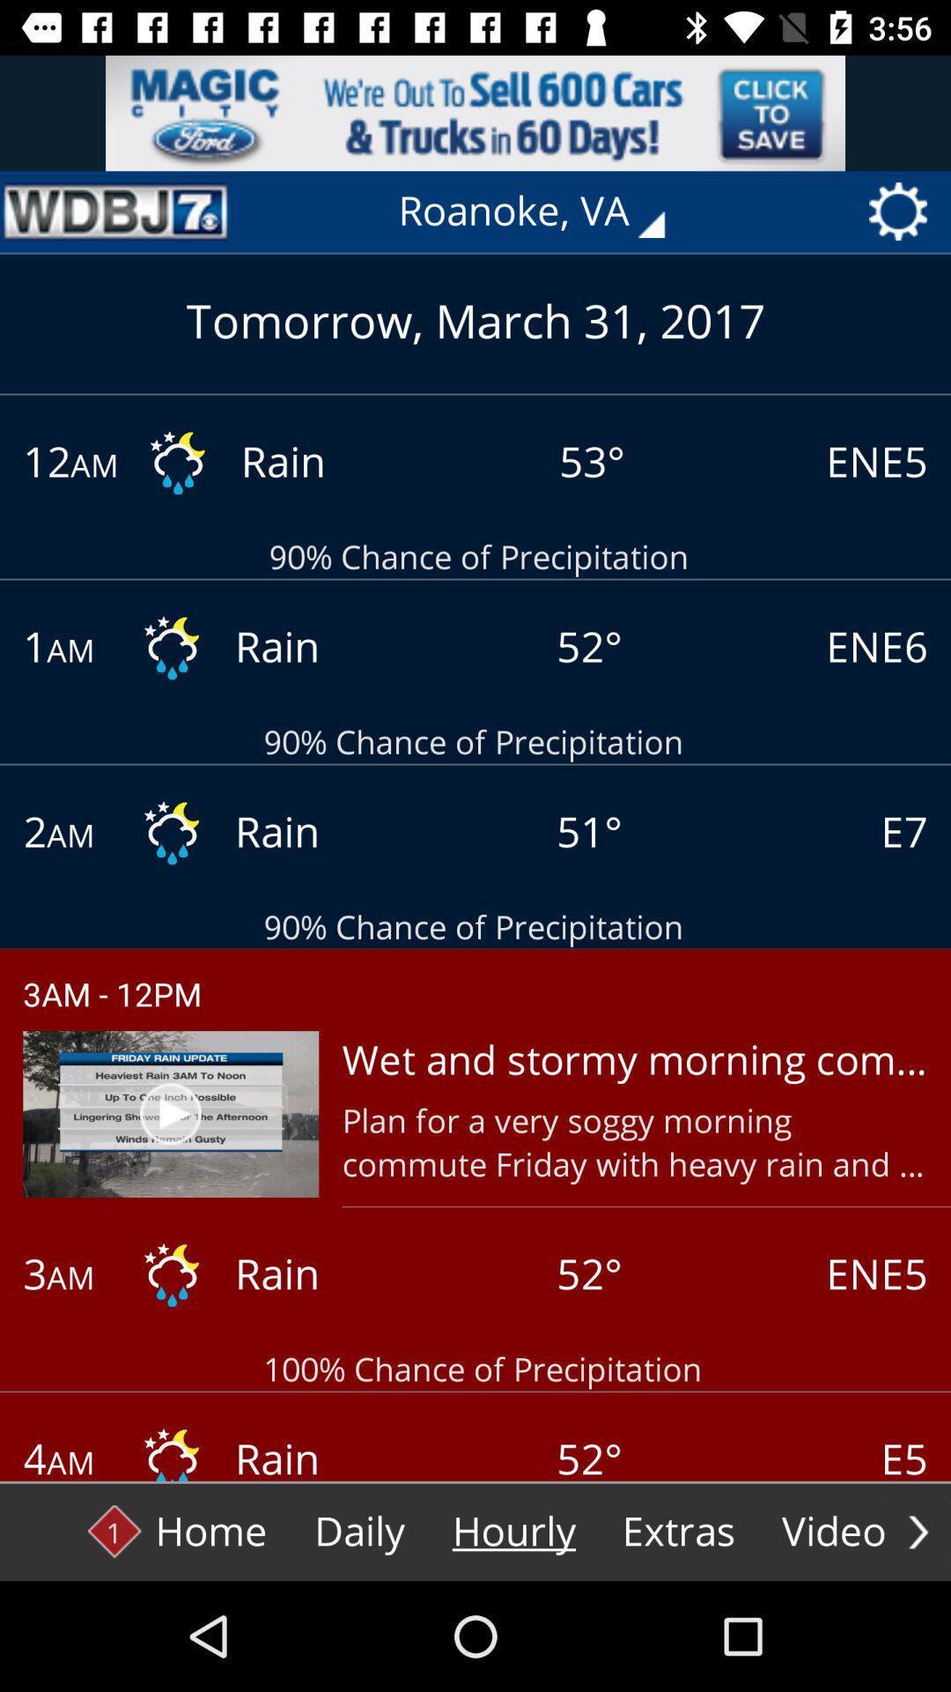  I want to click on the arrow_forward icon, so click(918, 1531).